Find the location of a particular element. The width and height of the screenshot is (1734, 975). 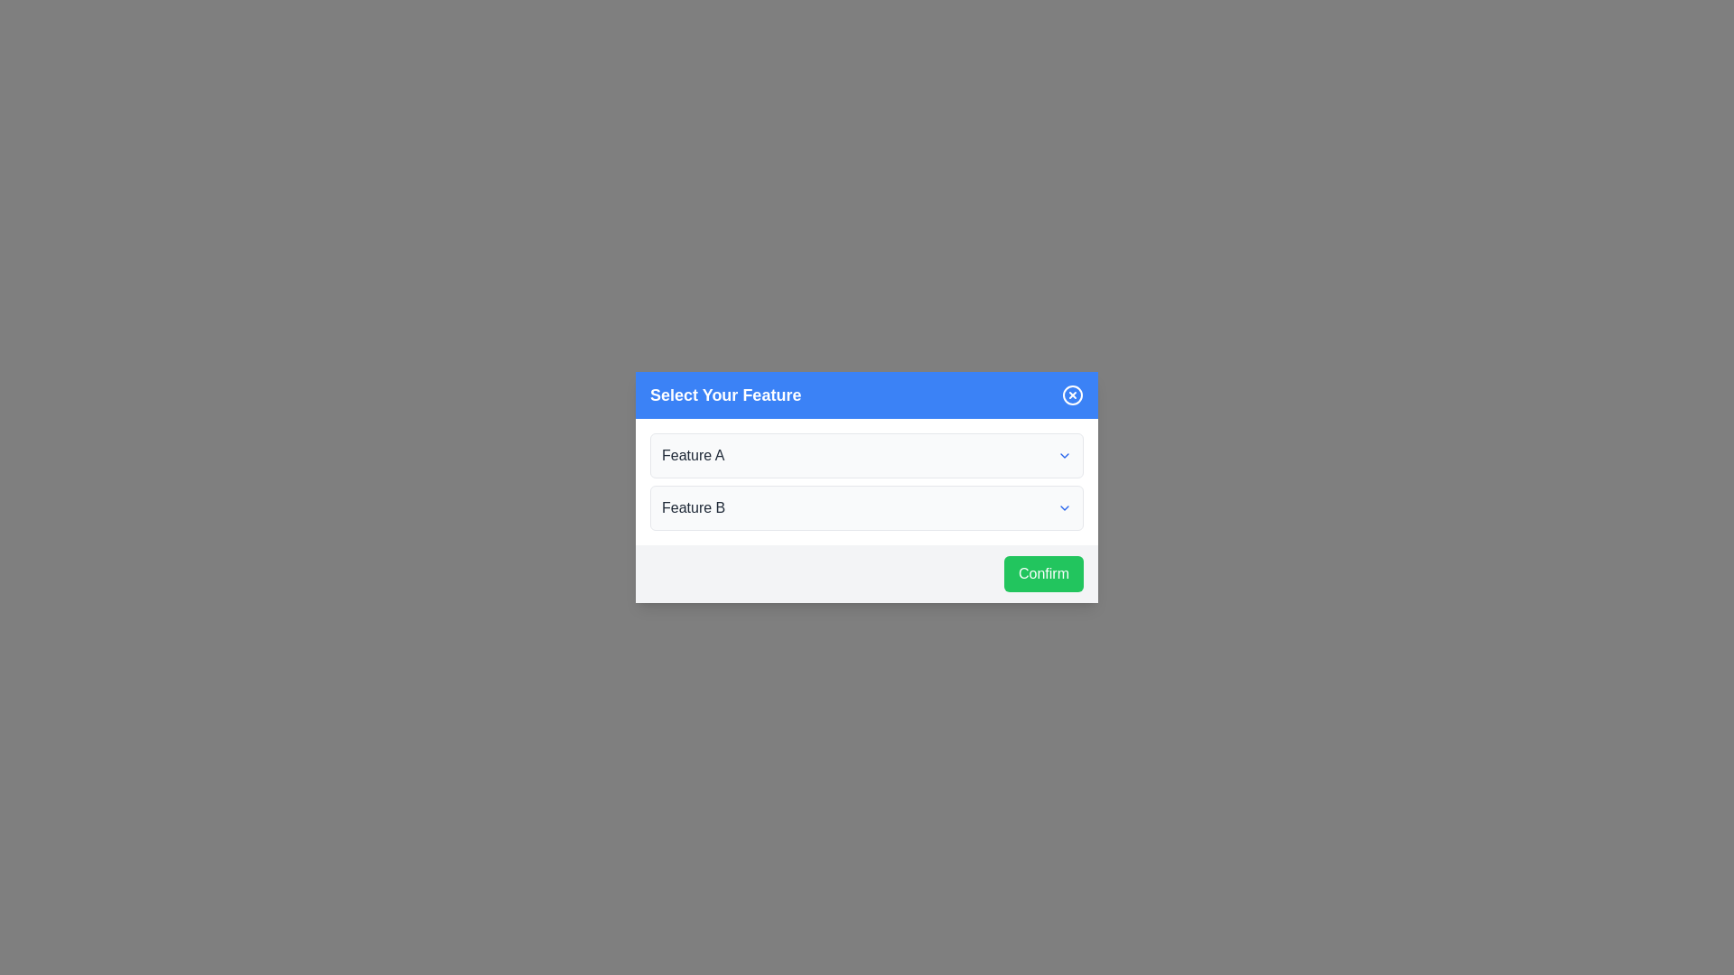

the Text Label displaying 'Feature B', which is located centrally within the modal dialog, underneath the 'Feature A' label is located at coordinates (693, 508).